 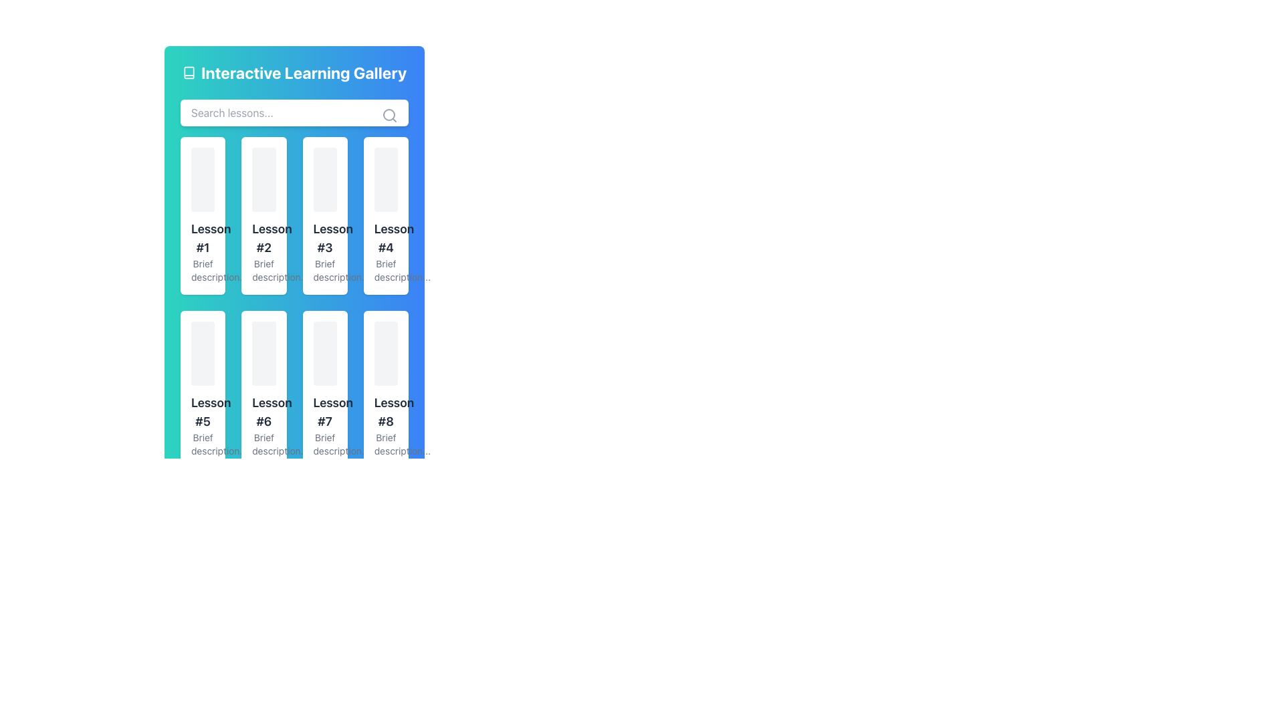 What do you see at coordinates (202, 215) in the screenshot?
I see `the lesson card located in the first row and first column of the learning gallery interface` at bounding box center [202, 215].